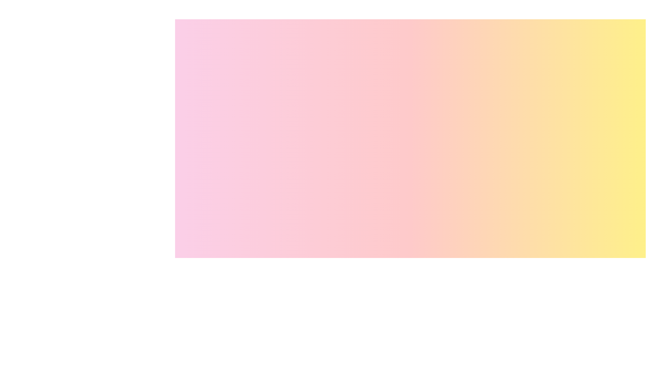  What do you see at coordinates (624, 369) in the screenshot?
I see `the main floating action button to toggle the menu state` at bounding box center [624, 369].